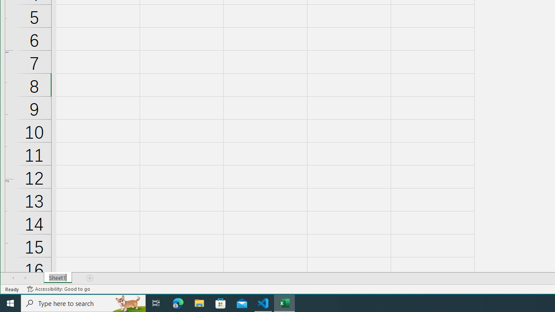 This screenshot has width=555, height=312. What do you see at coordinates (178, 302) in the screenshot?
I see `'Microsoft Edge'` at bounding box center [178, 302].